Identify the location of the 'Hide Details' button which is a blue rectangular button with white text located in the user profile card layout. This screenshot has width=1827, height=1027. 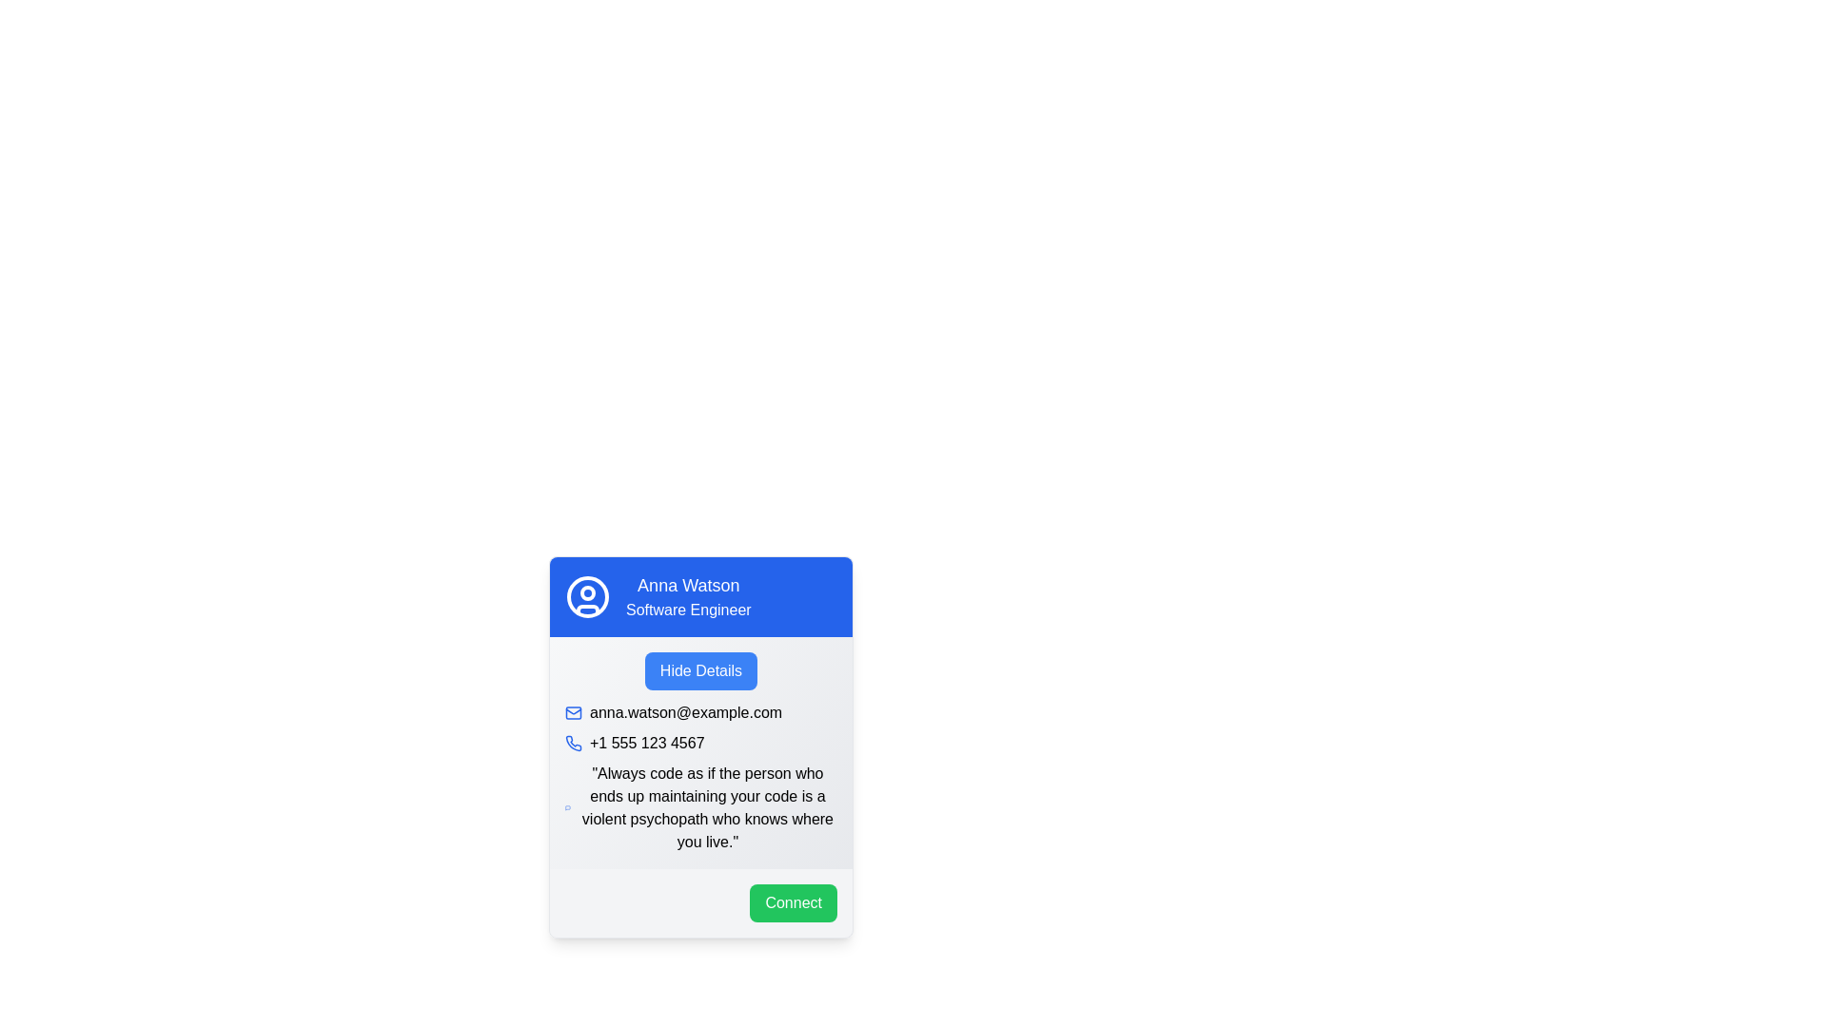
(699, 669).